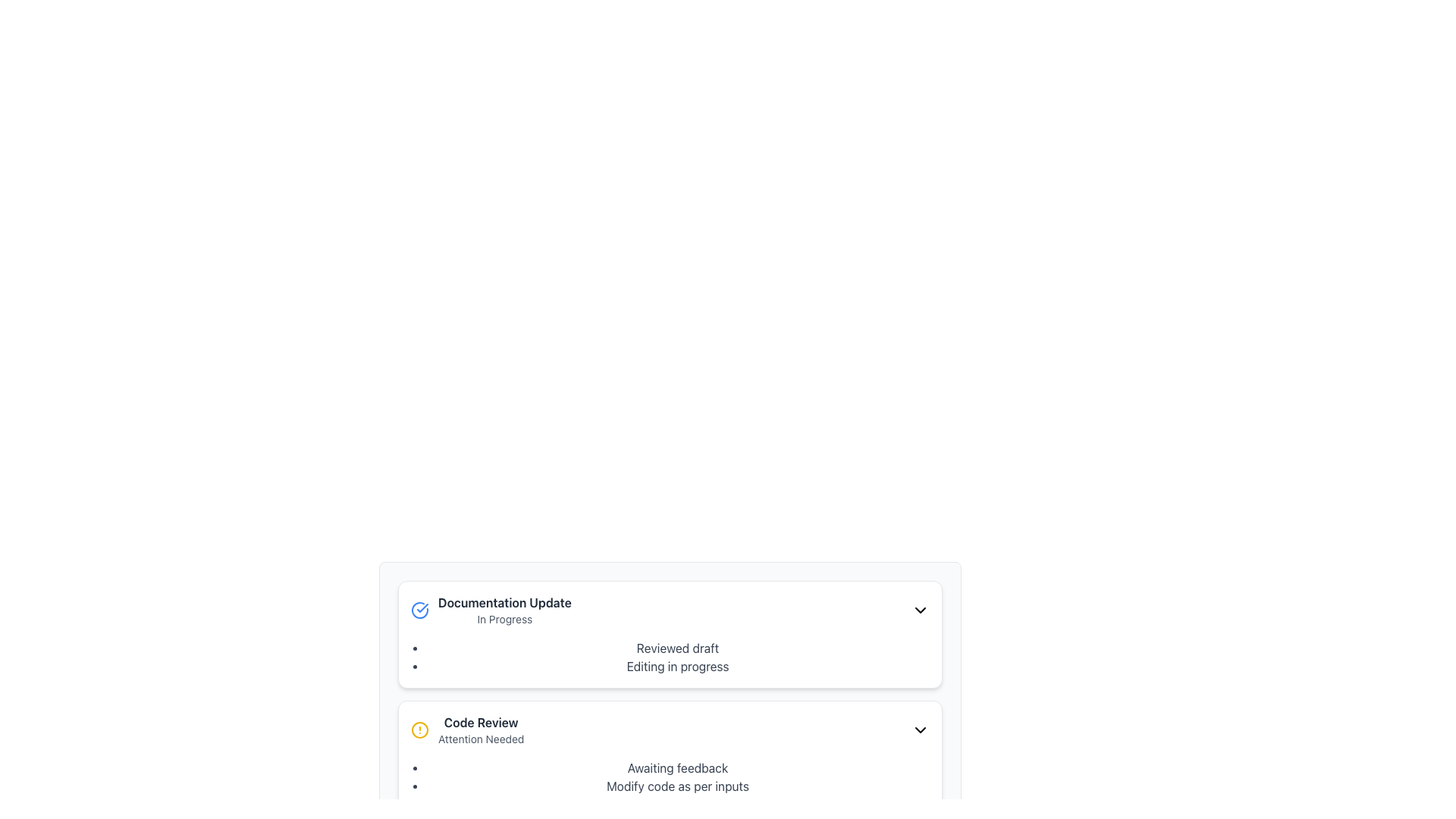 This screenshot has height=819, width=1456. Describe the element at coordinates (504, 601) in the screenshot. I see `the 'Documentation Update' text label, which serves as the title for the section, located at the top of the card above the 'Code Review' card` at that location.